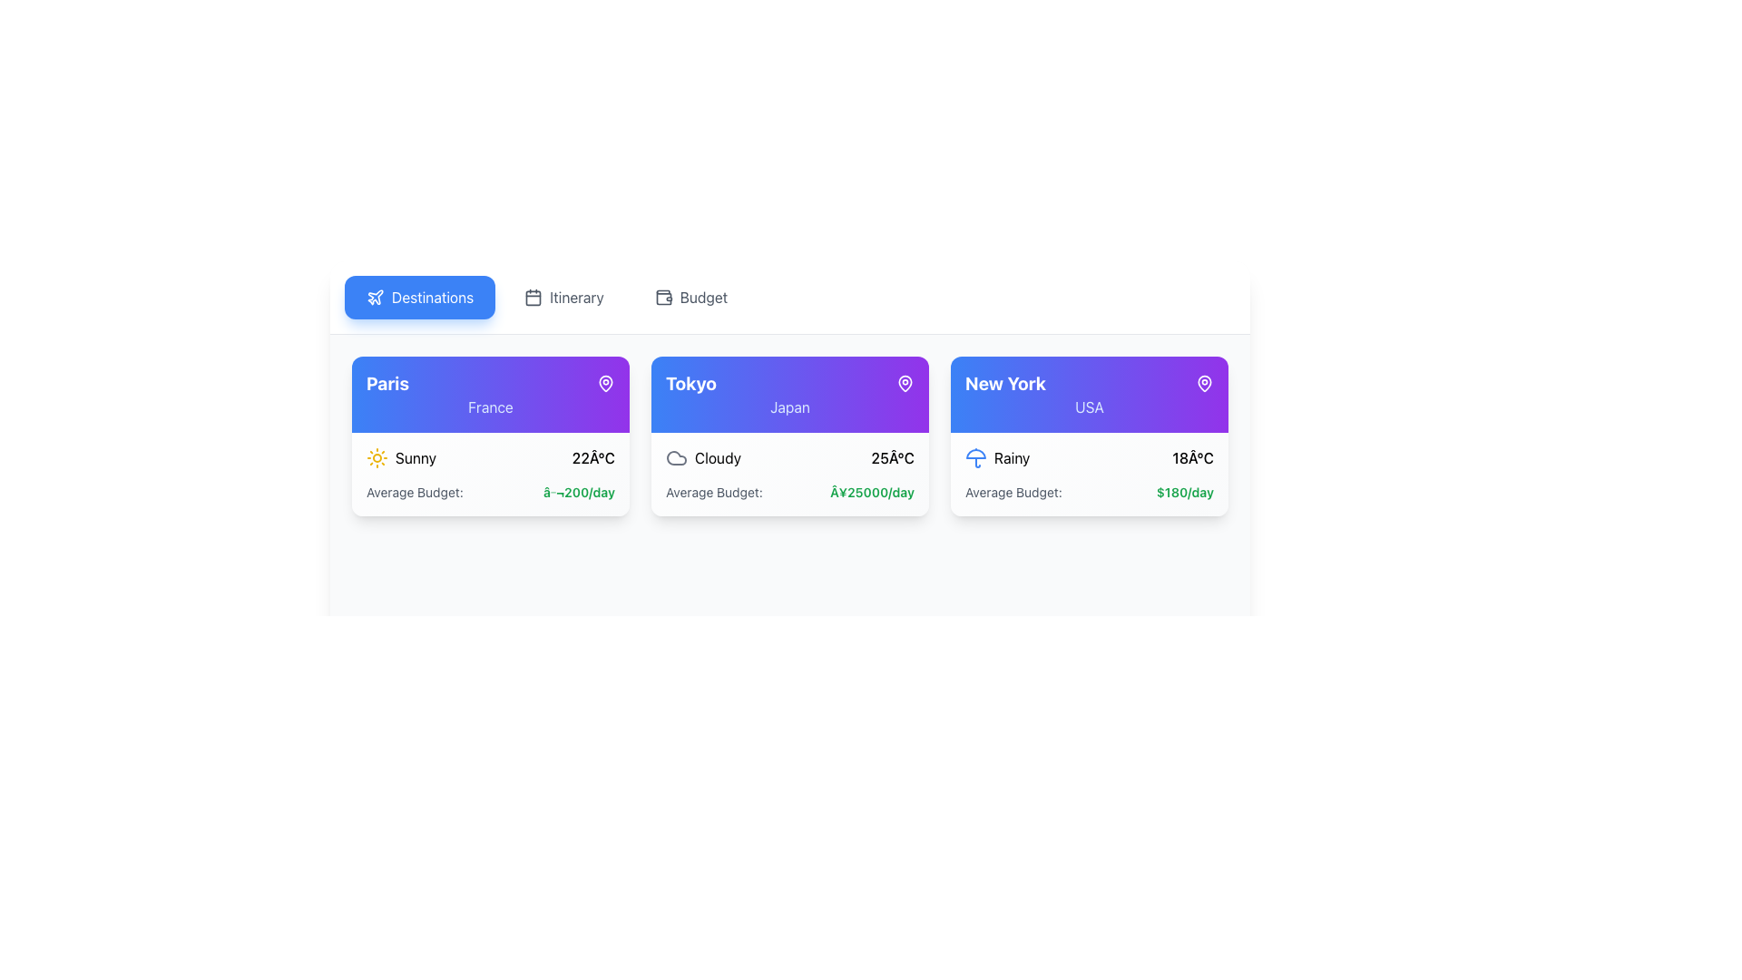  What do you see at coordinates (415, 457) in the screenshot?
I see `the non-interactive text label displaying the current weather condition in Paris, located on the second line of the 'Paris, France' card, to the right of the sun-shaped weather icon` at bounding box center [415, 457].